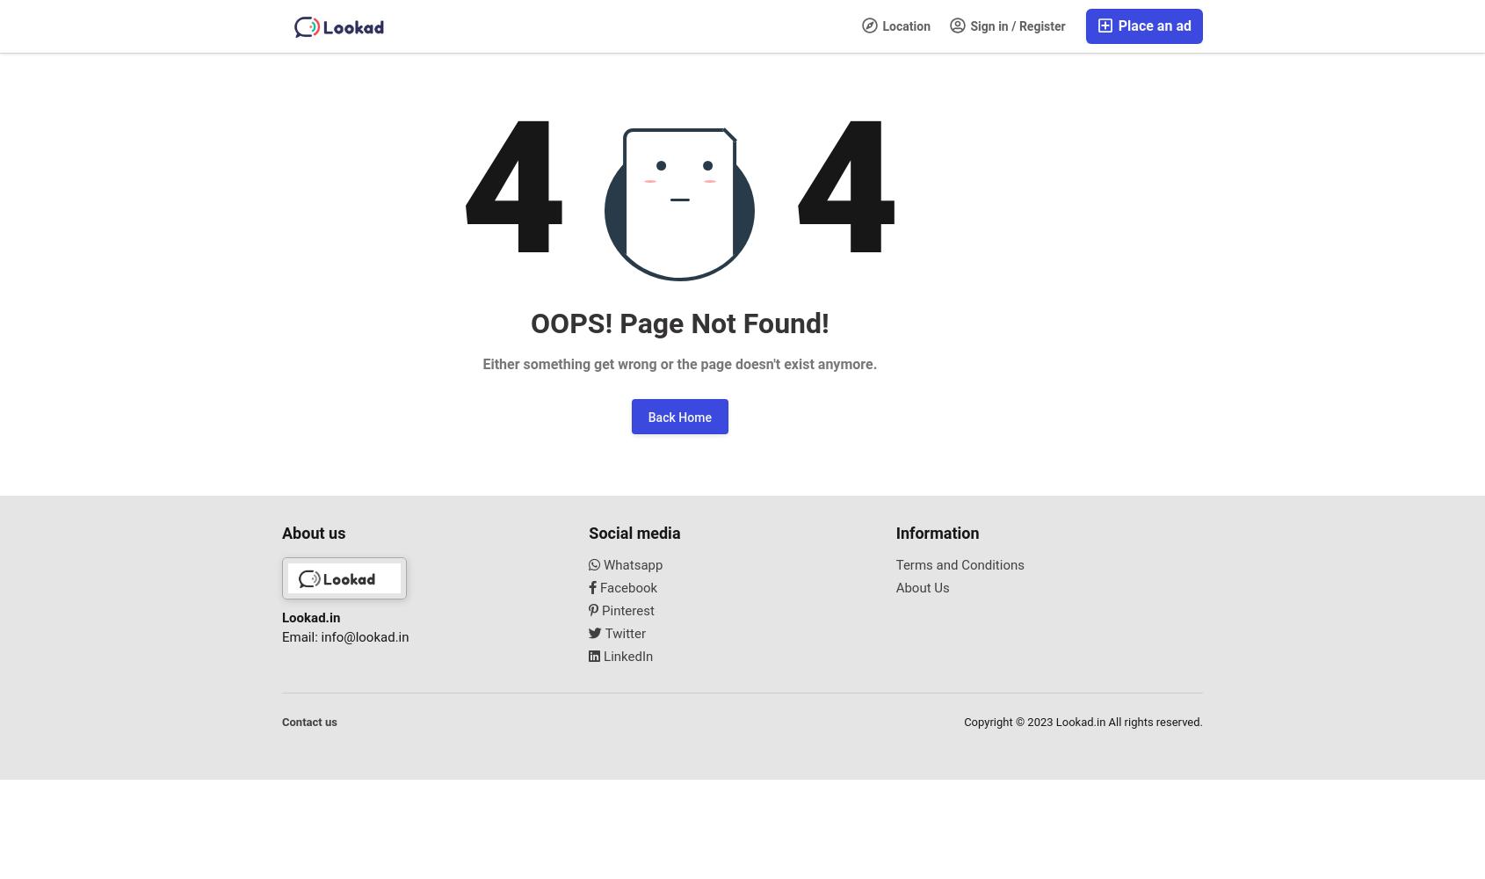 The image size is (1485, 879). I want to click on 'Copyright © 2023 Lookad.in All rights reserved.', so click(1083, 720).